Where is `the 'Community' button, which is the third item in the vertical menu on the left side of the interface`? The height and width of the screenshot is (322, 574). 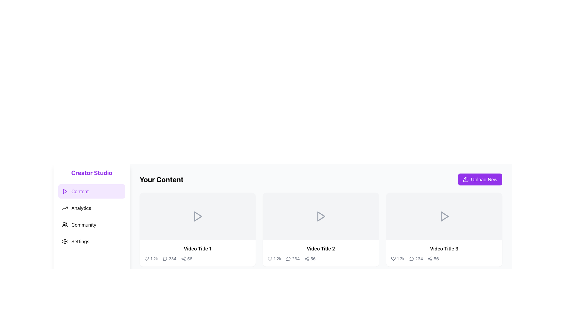
the 'Community' button, which is the third item in the vertical menu on the left side of the interface is located at coordinates (91, 225).